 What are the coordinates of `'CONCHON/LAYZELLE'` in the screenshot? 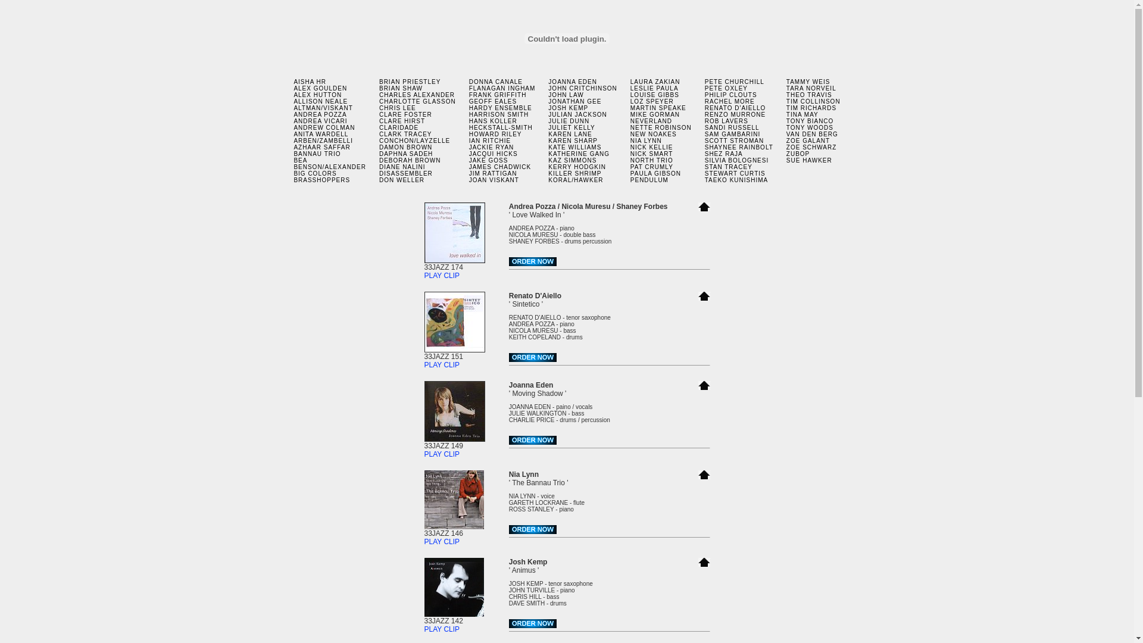 It's located at (379, 140).